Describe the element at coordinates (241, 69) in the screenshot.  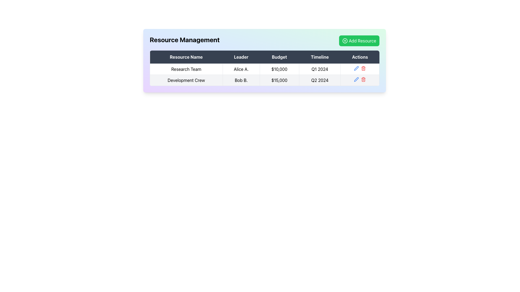
I see `the text label displaying 'Alice A.' located in the second column of the first data row of the table` at that location.